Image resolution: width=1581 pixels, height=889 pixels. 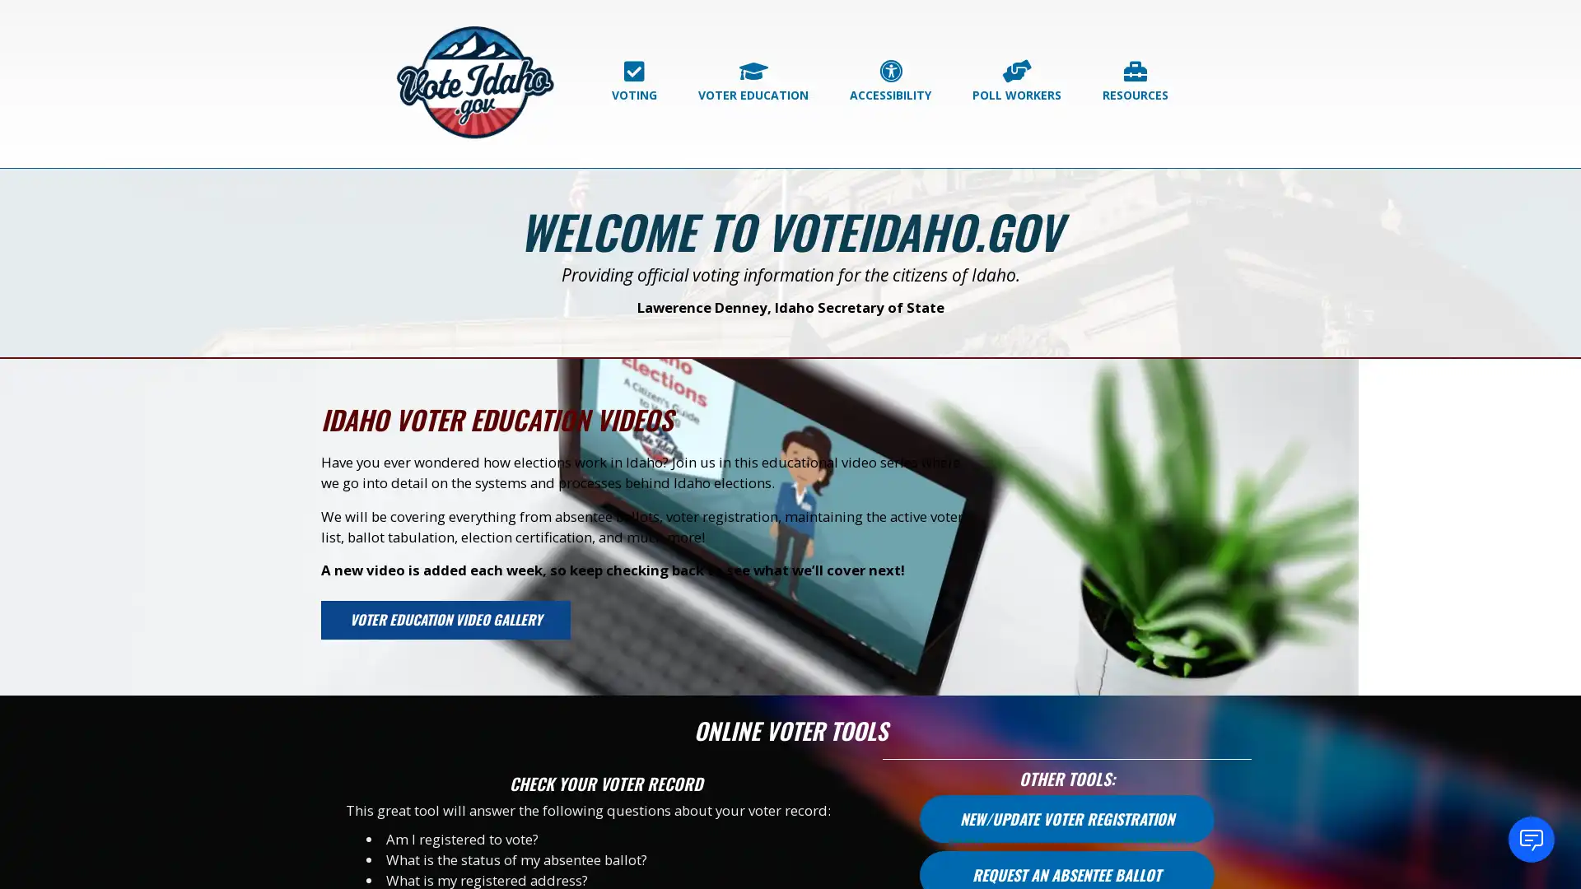 I want to click on NEW/UPDATE VOTER REGISTRATION, so click(x=1067, y=822).